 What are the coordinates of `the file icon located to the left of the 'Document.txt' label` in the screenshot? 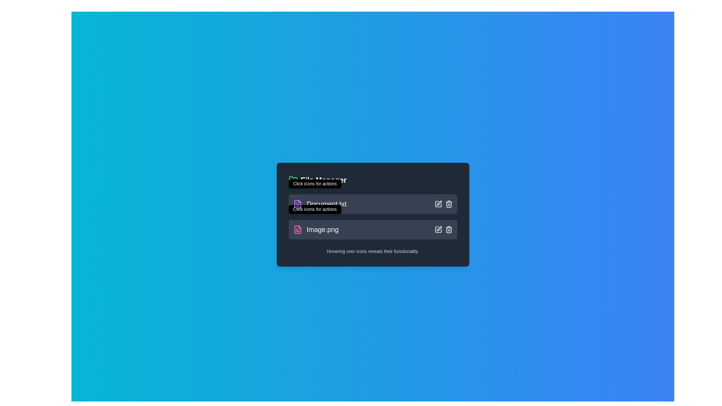 It's located at (297, 204).